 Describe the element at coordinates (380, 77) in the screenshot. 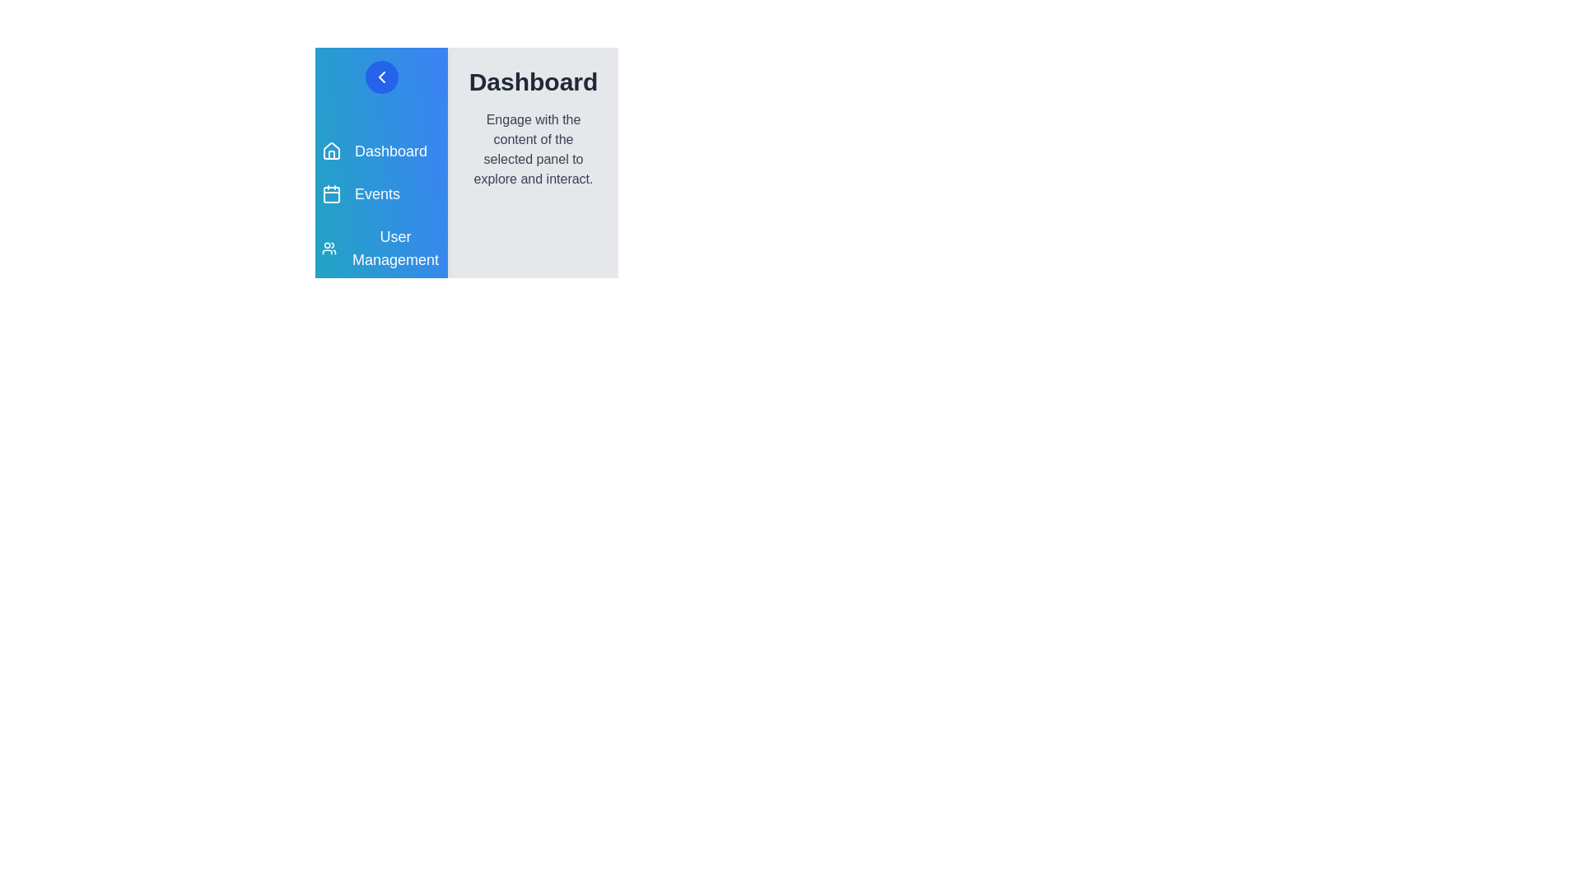

I see `toggle button to toggle the drawer's open/close state` at that location.